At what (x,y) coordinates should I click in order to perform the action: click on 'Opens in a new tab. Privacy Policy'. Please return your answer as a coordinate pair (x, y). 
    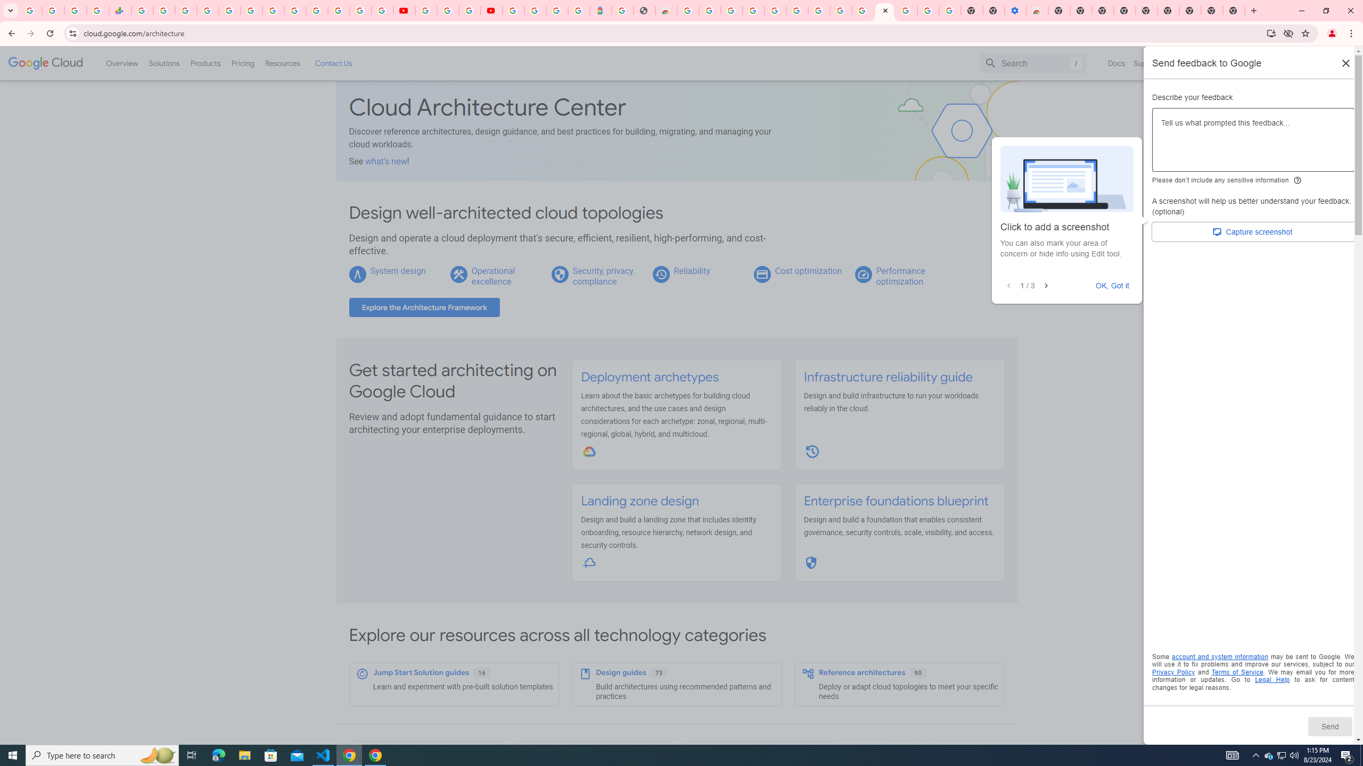
    Looking at the image, I should click on (1173, 672).